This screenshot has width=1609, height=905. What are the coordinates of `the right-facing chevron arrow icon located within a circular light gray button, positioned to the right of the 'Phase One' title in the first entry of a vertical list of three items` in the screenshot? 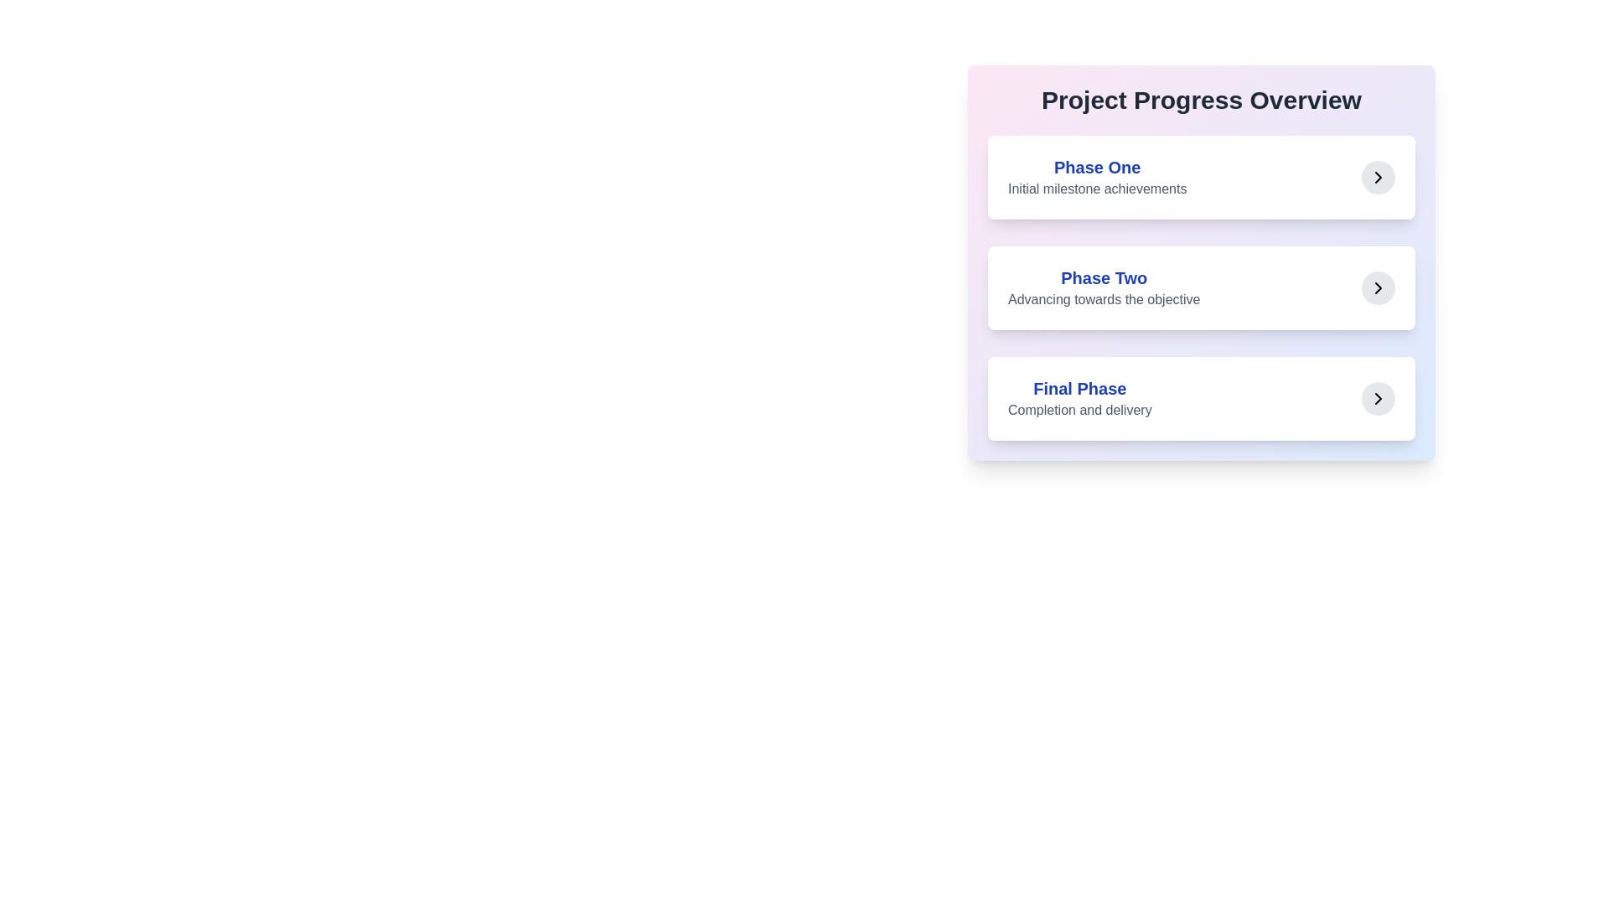 It's located at (1379, 178).